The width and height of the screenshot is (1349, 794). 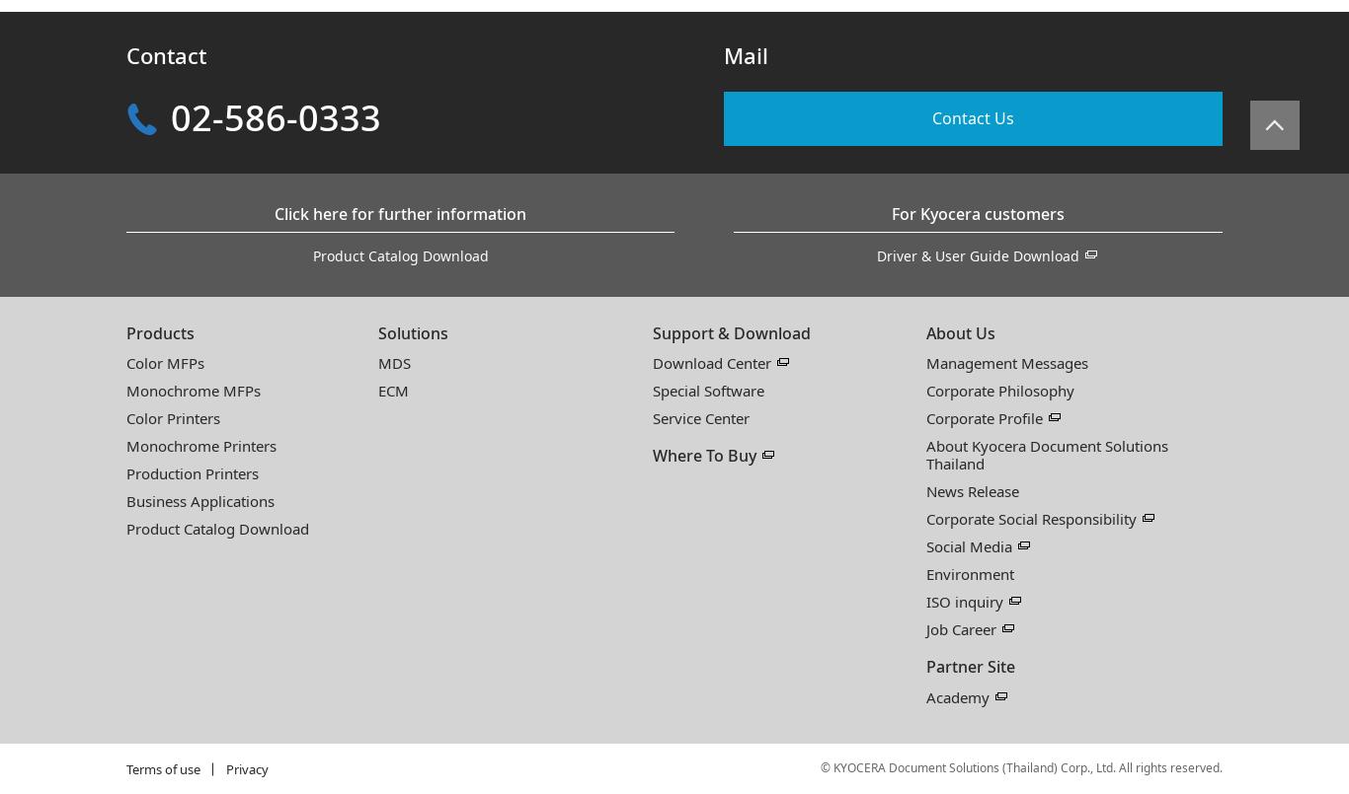 What do you see at coordinates (703, 455) in the screenshot?
I see `'Where To Buy'` at bounding box center [703, 455].